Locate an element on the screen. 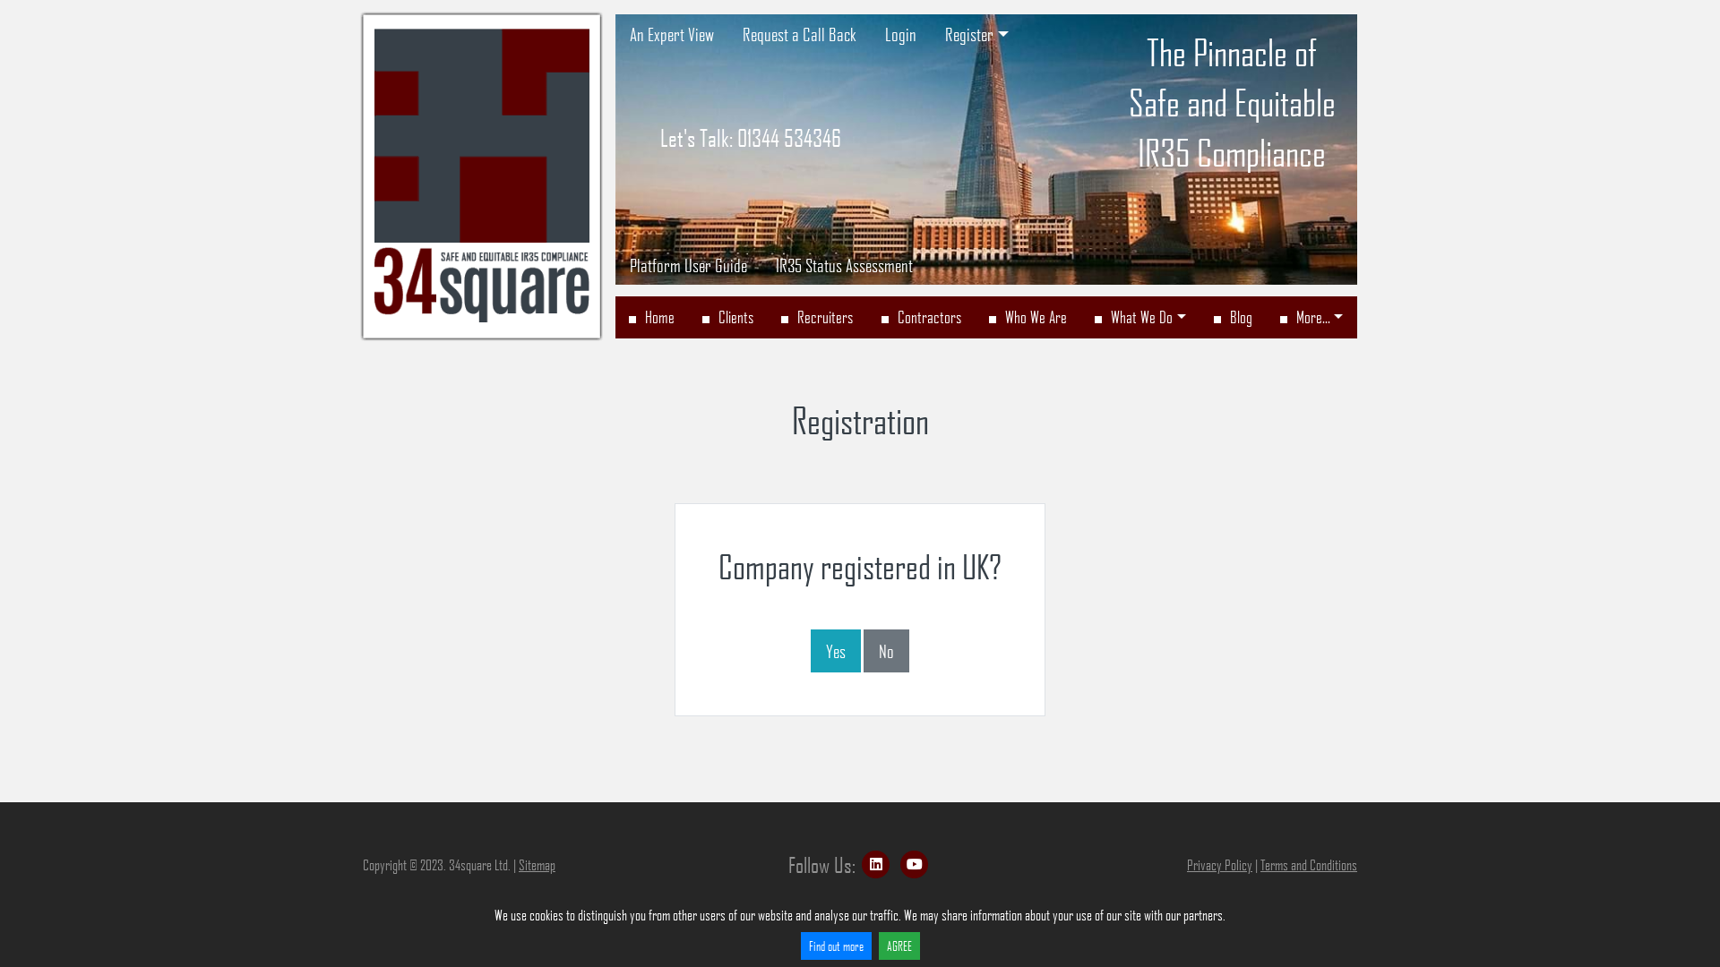  'Terms and Conditions' is located at coordinates (1308, 863).